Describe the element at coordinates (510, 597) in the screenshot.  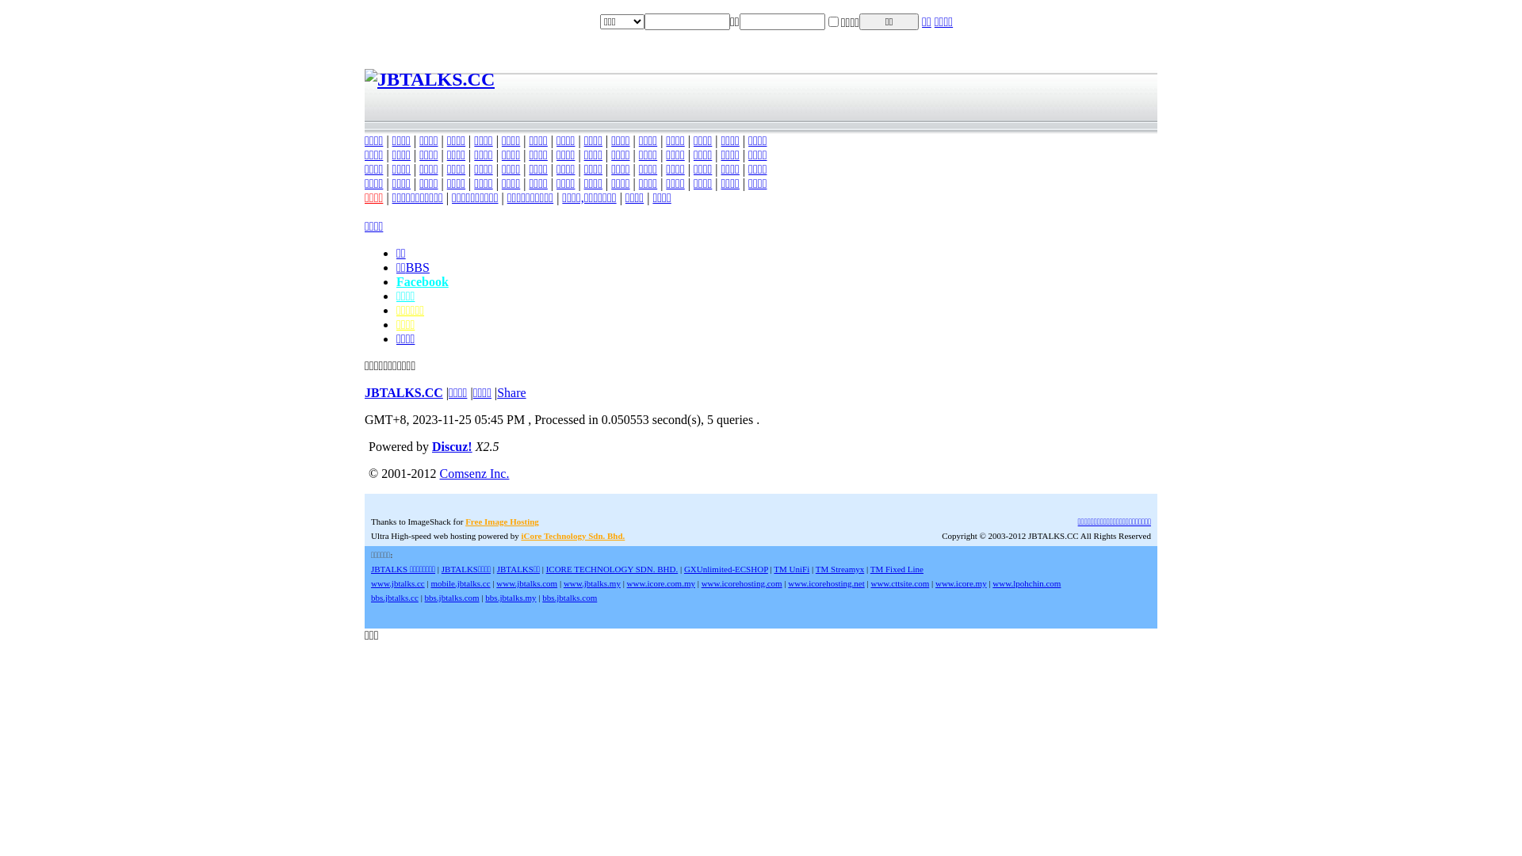
I see `'bbs.jbtalks.my'` at that location.